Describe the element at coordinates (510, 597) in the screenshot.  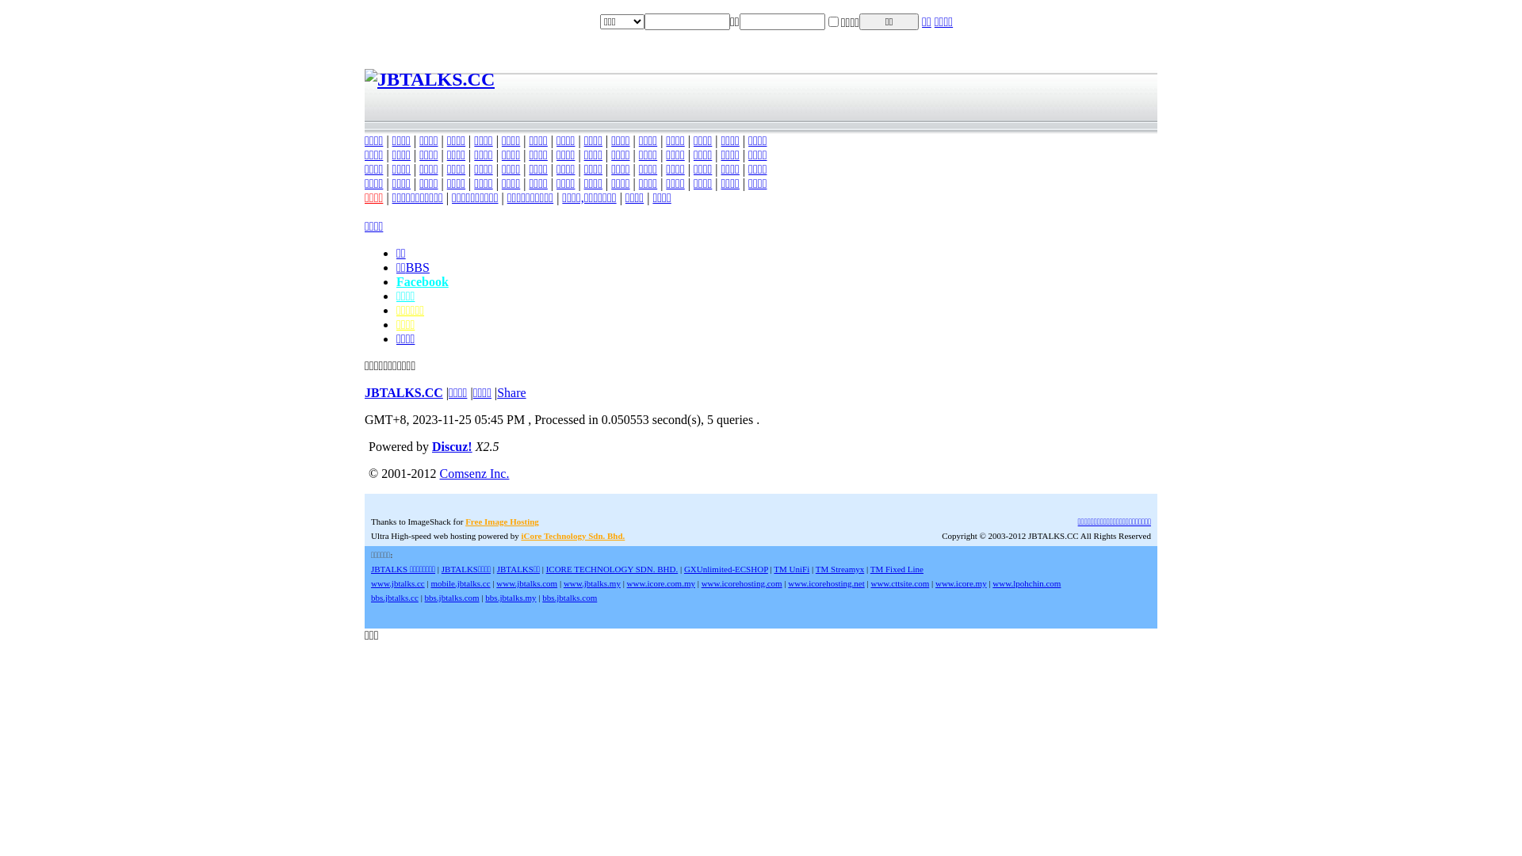
I see `'bbs.jbtalks.my'` at that location.